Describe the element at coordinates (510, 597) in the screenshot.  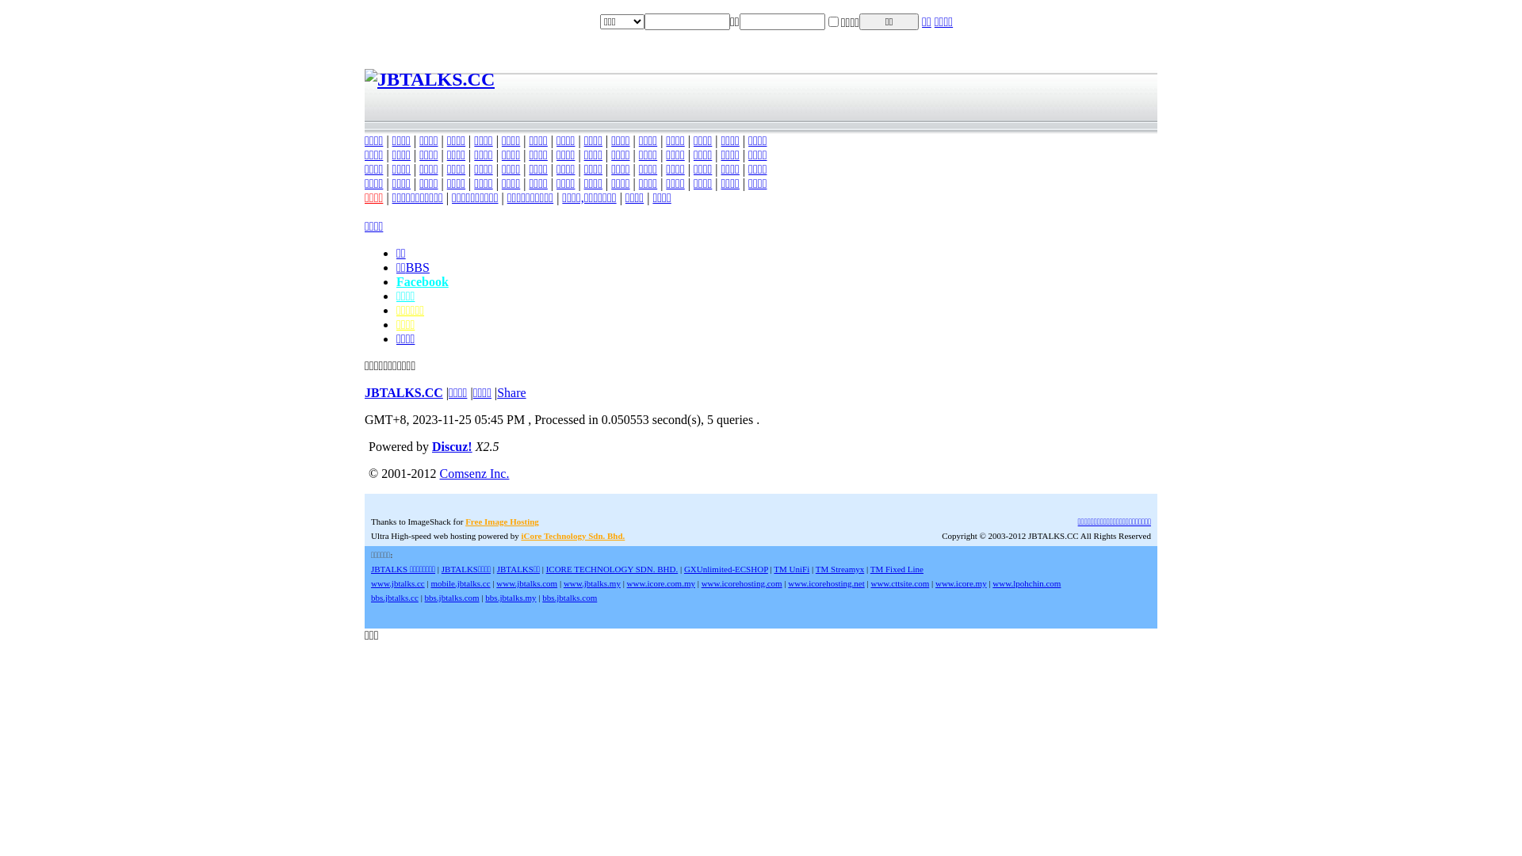
I see `'bbs.jbtalks.my'` at that location.